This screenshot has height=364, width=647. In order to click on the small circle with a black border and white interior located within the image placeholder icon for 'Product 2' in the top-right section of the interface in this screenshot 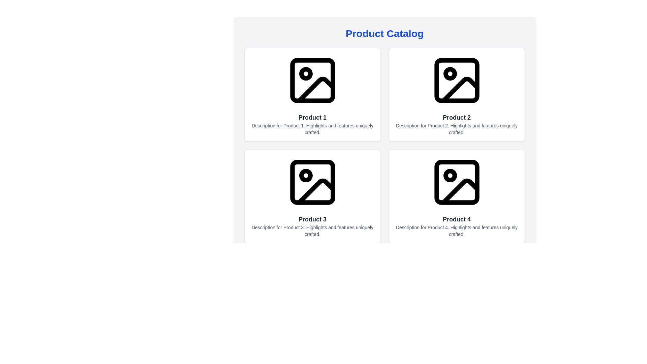, I will do `click(450, 74)`.